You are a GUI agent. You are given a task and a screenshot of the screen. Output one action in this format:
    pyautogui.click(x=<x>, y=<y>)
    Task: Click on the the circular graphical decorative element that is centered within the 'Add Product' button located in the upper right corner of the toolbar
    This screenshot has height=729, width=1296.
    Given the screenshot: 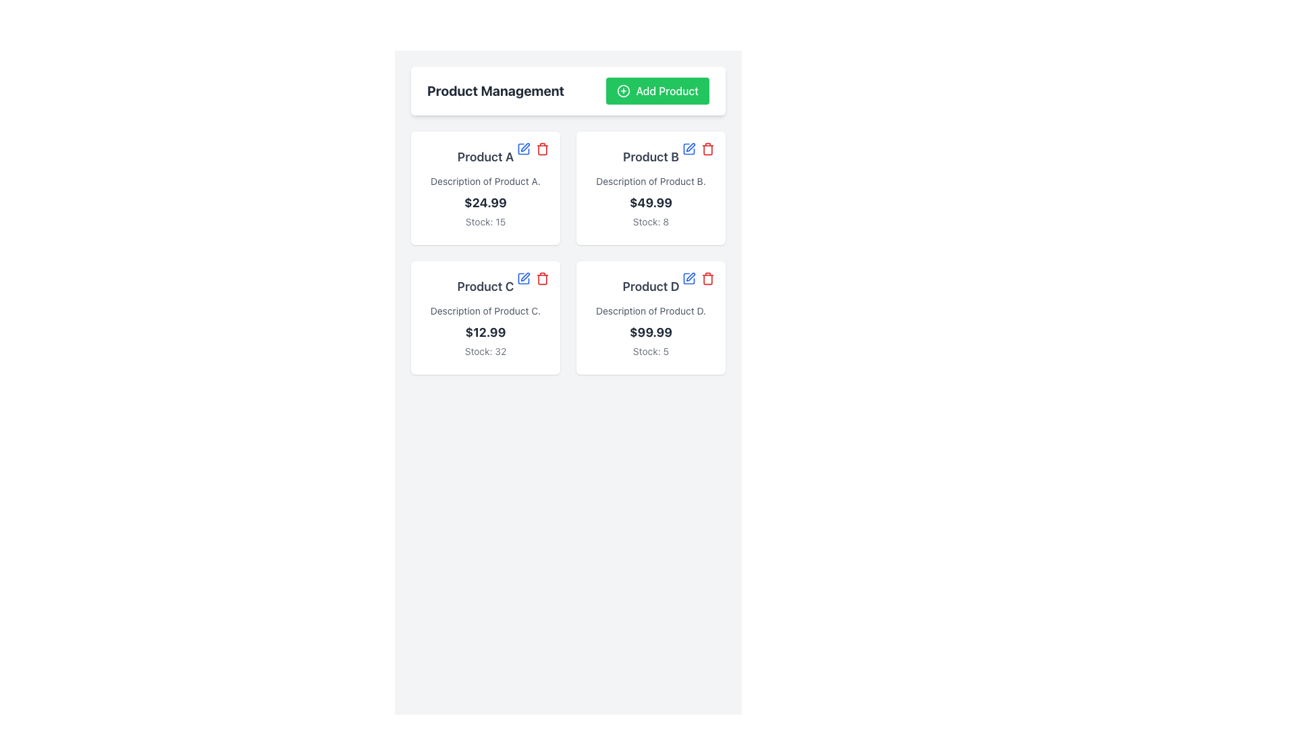 What is the action you would take?
    pyautogui.click(x=623, y=91)
    